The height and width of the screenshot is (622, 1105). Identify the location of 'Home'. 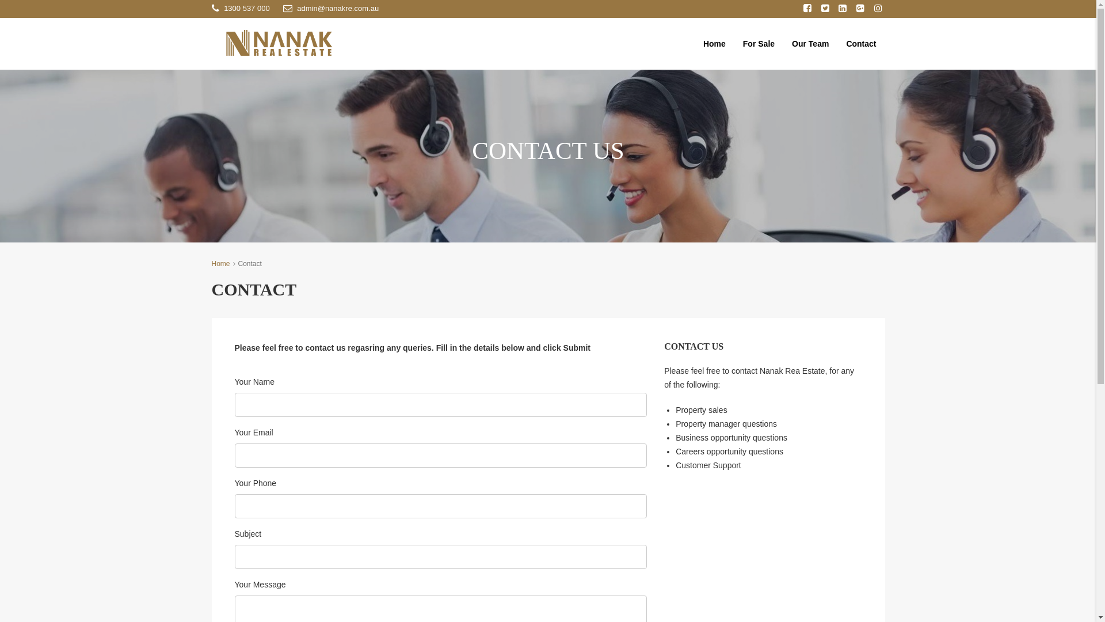
(714, 43).